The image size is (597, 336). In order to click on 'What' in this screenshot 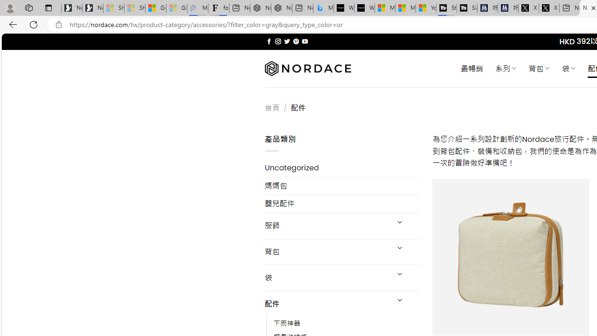, I will do `click(364, 8)`.